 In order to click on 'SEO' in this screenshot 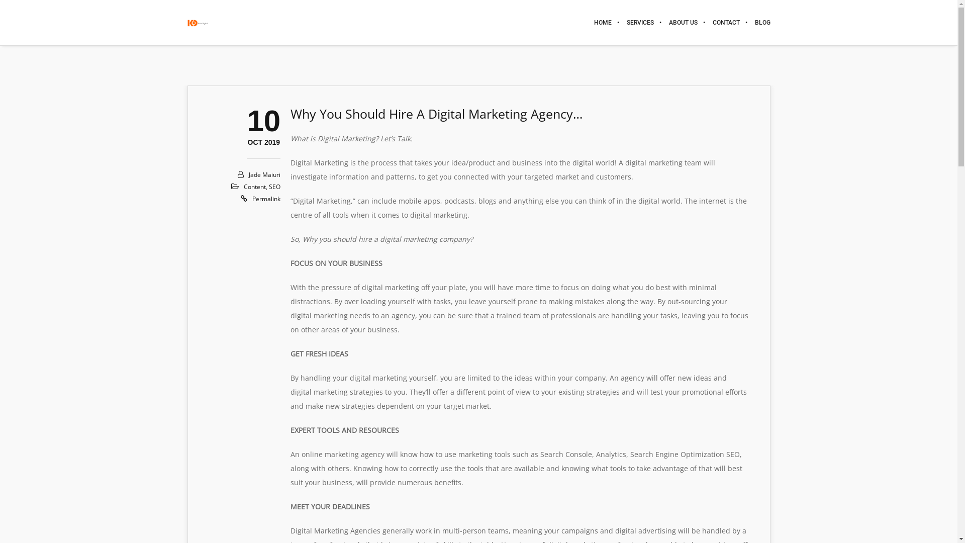, I will do `click(268, 187)`.